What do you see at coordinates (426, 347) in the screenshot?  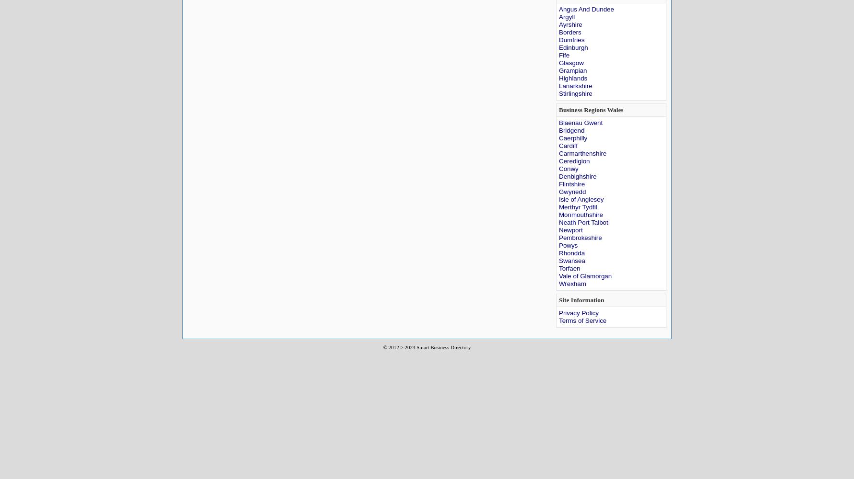 I see `'© 2012 > 2023 Smart Business Directory'` at bounding box center [426, 347].